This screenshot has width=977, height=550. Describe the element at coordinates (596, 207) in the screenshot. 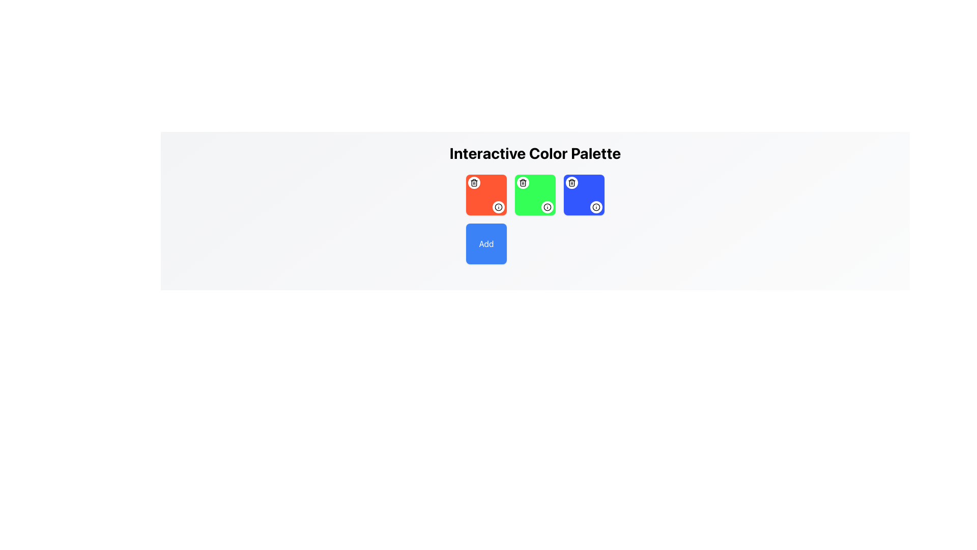

I see `the informational button icon located in the bottom-right corner of the blue square in the third column of the color palette grid` at that location.